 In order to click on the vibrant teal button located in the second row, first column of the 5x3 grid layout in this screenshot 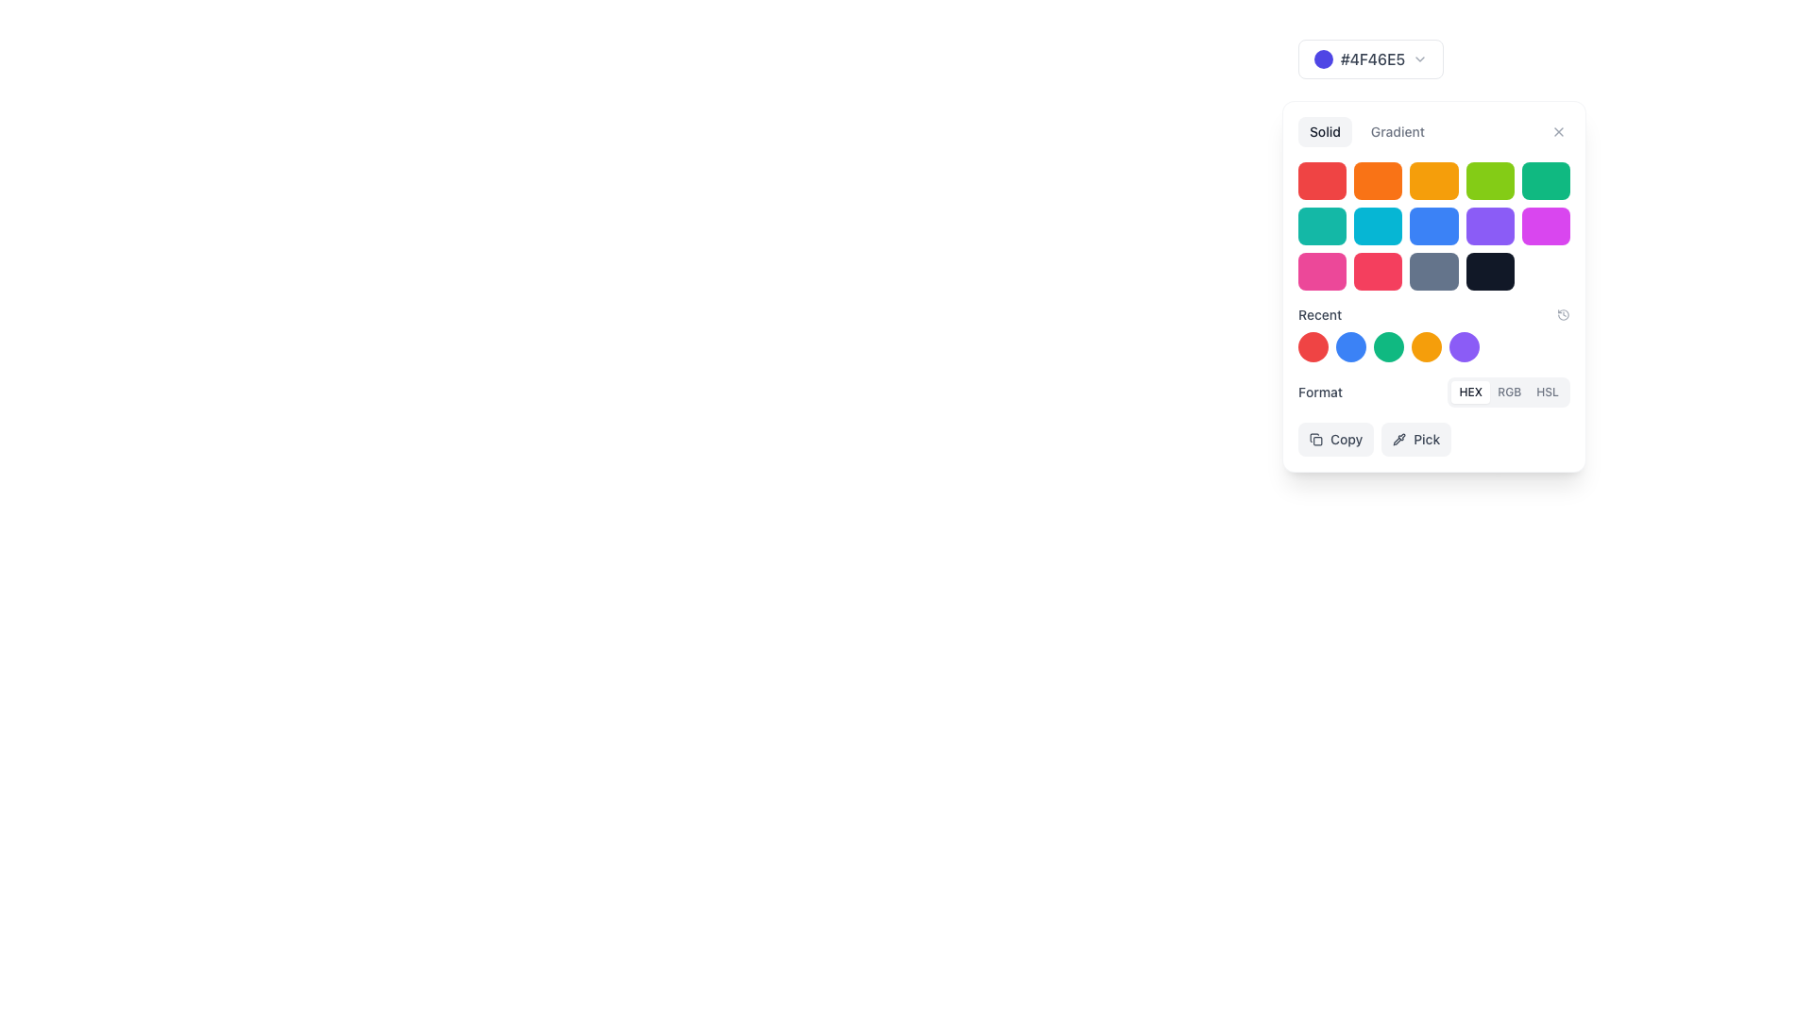, I will do `click(1321, 225)`.